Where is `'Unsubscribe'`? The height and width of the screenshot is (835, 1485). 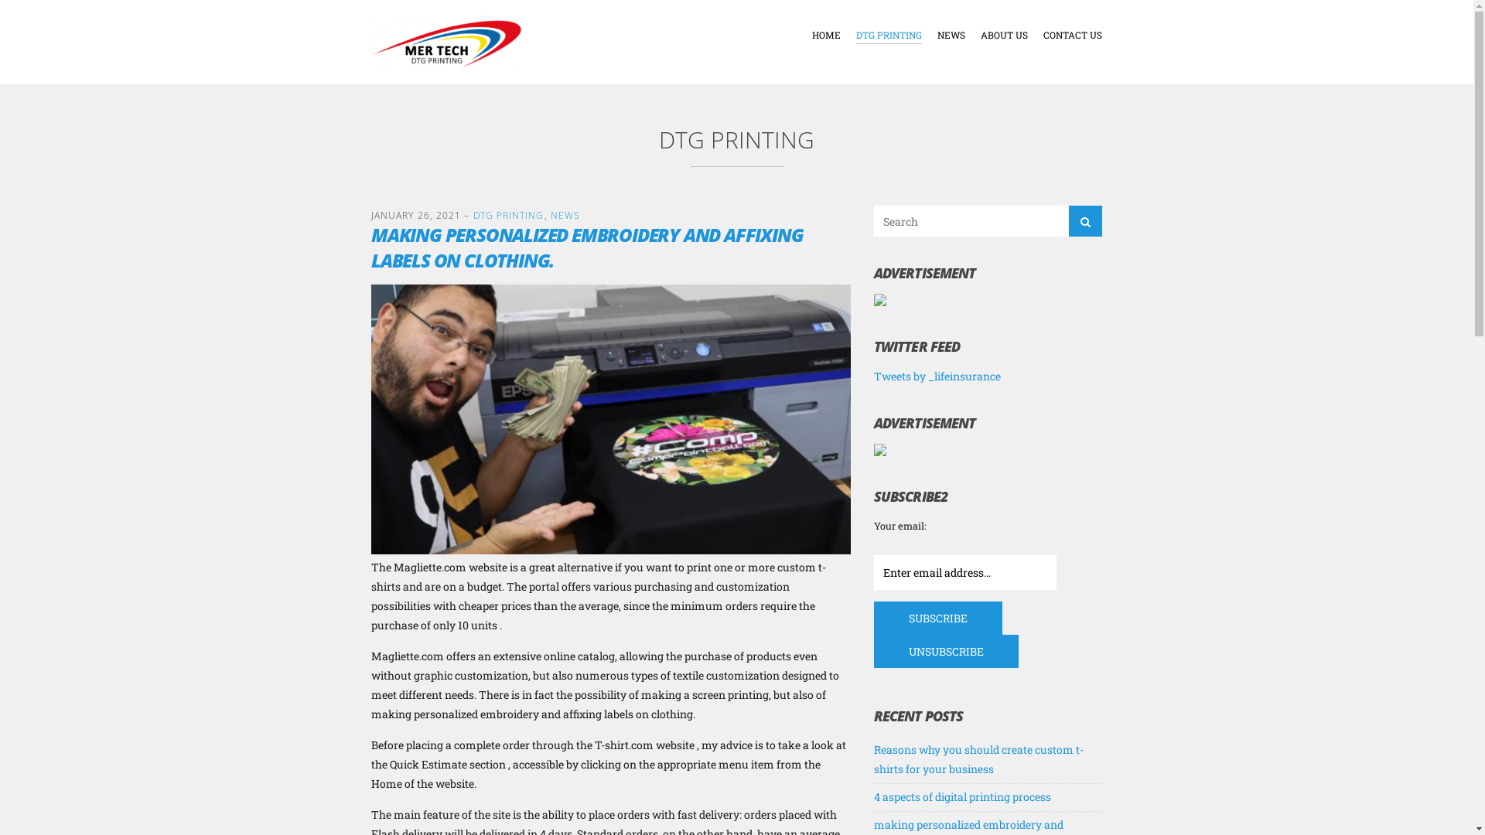
'Unsubscribe' is located at coordinates (945, 651).